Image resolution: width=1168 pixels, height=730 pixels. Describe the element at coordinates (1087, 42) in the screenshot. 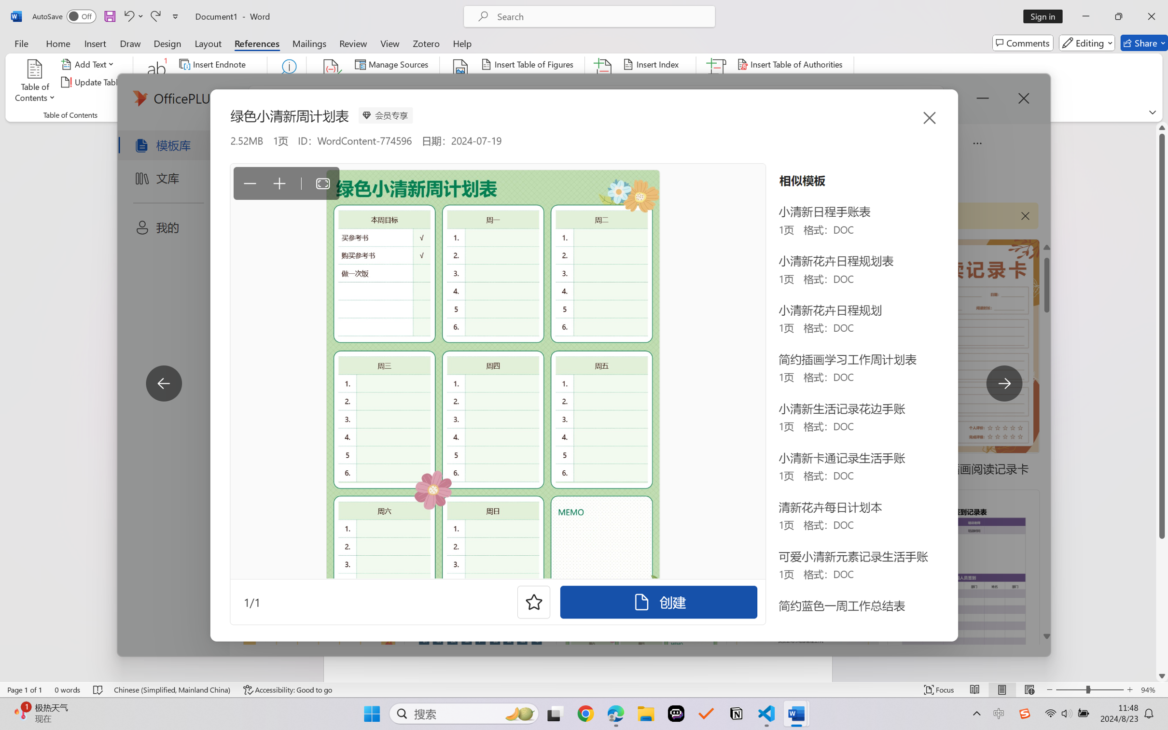

I see `'Editing'` at that location.